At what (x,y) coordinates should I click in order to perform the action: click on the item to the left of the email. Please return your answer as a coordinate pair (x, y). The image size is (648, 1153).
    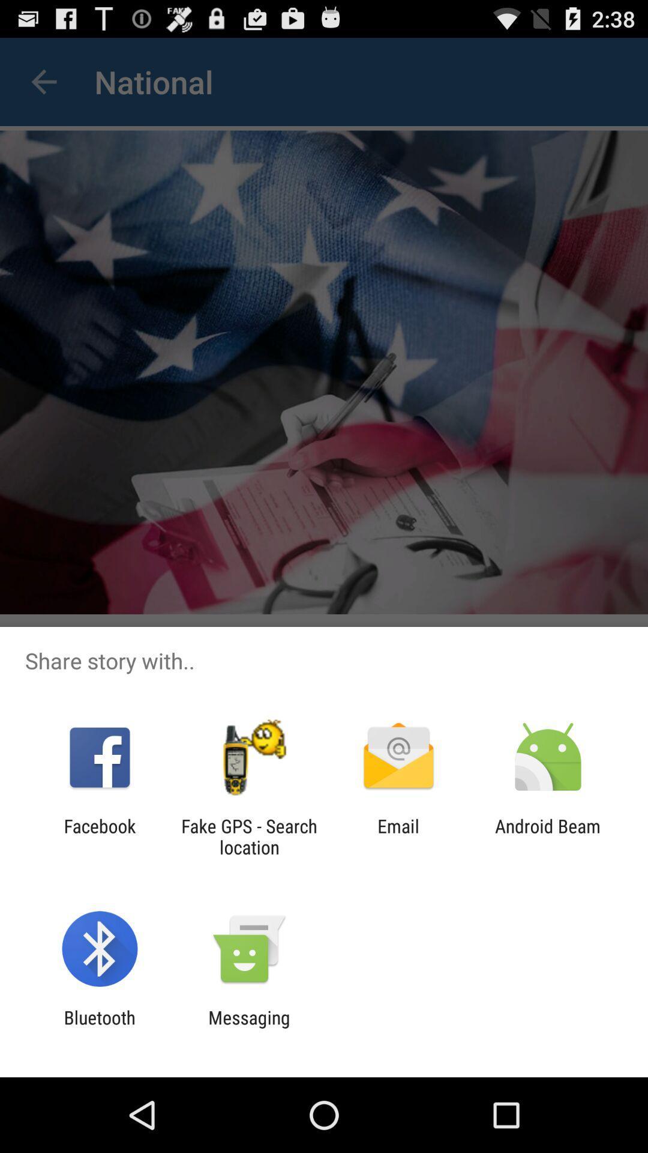
    Looking at the image, I should click on (248, 836).